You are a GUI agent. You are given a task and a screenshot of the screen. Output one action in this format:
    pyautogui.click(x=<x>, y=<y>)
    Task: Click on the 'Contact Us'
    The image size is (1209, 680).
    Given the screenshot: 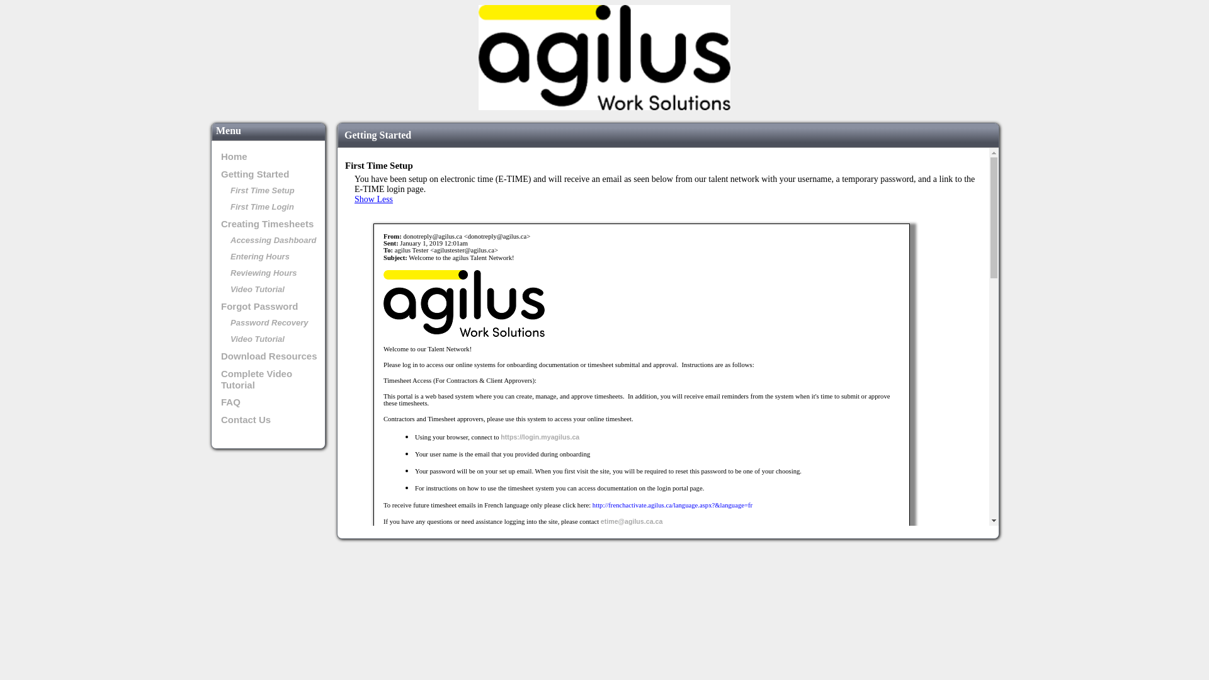 What is the action you would take?
    pyautogui.click(x=246, y=419)
    